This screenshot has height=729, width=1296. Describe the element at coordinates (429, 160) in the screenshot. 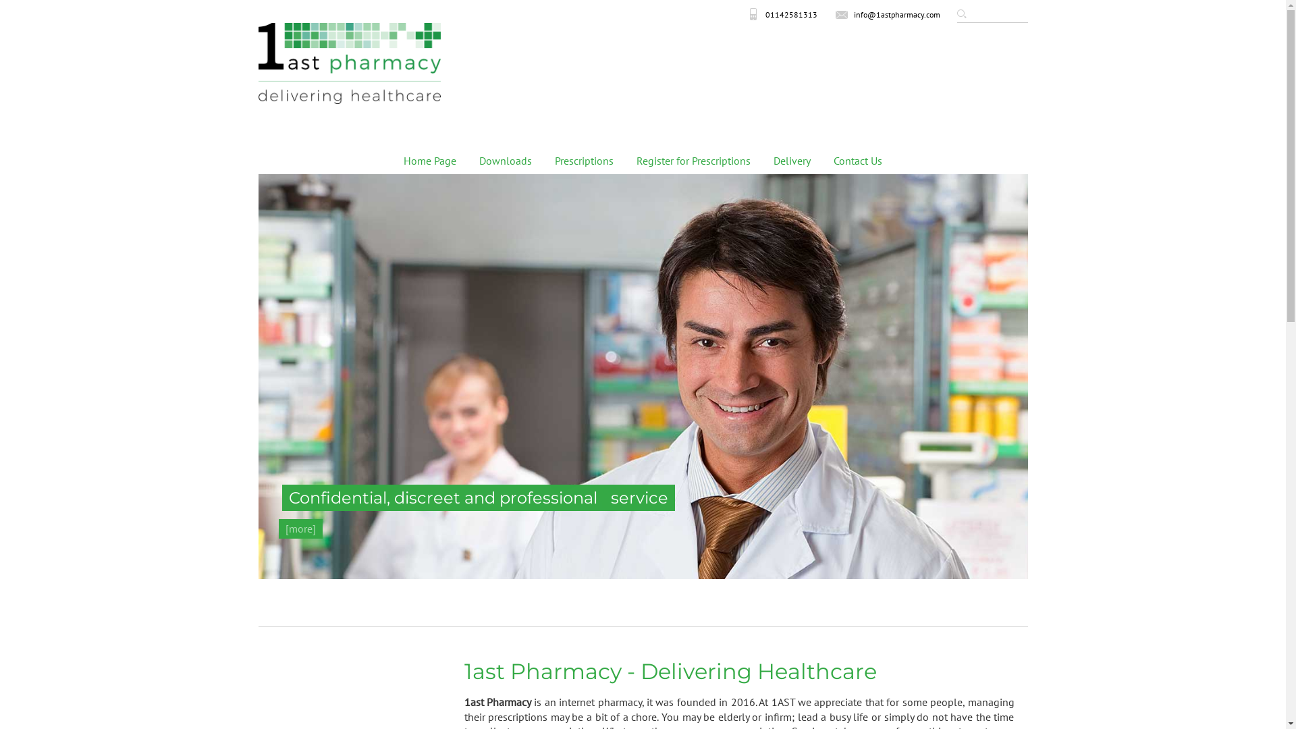

I see `'Home Page'` at that location.